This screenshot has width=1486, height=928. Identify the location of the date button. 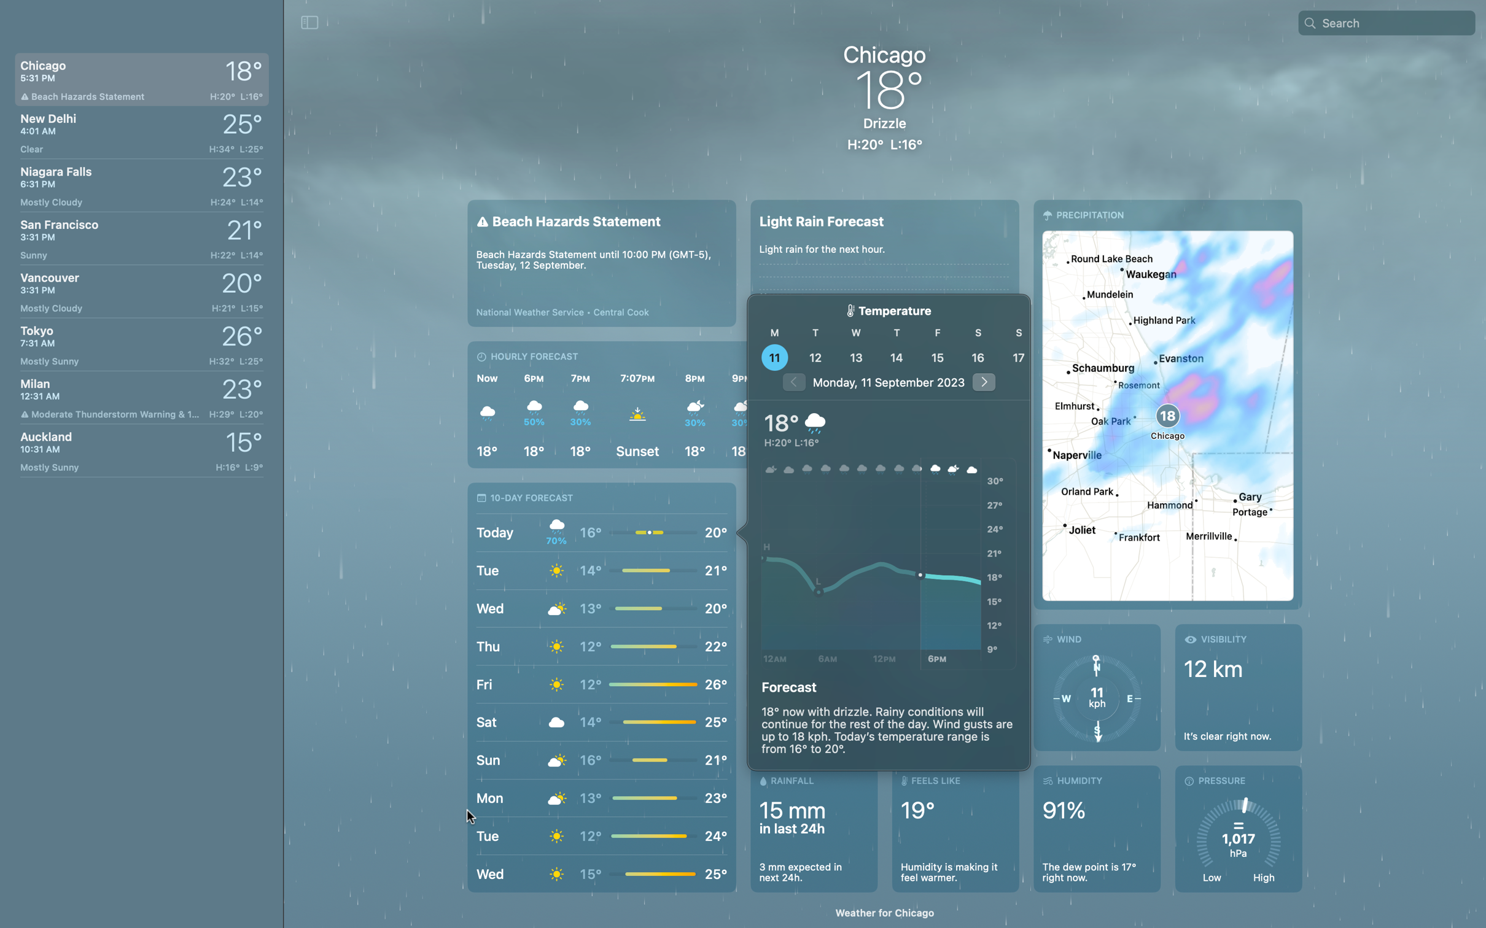
(857, 357).